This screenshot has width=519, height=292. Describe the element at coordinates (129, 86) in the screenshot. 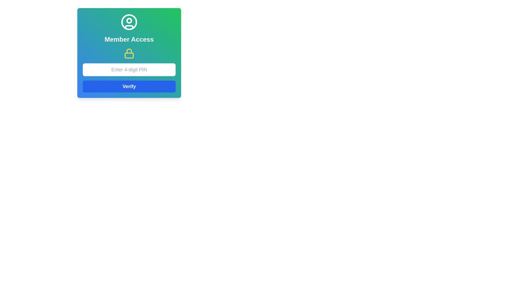

I see `the button that triggers the PIN verification action, located below the 'Enter 4-digit PIN' input field, to activate the hover styling` at that location.